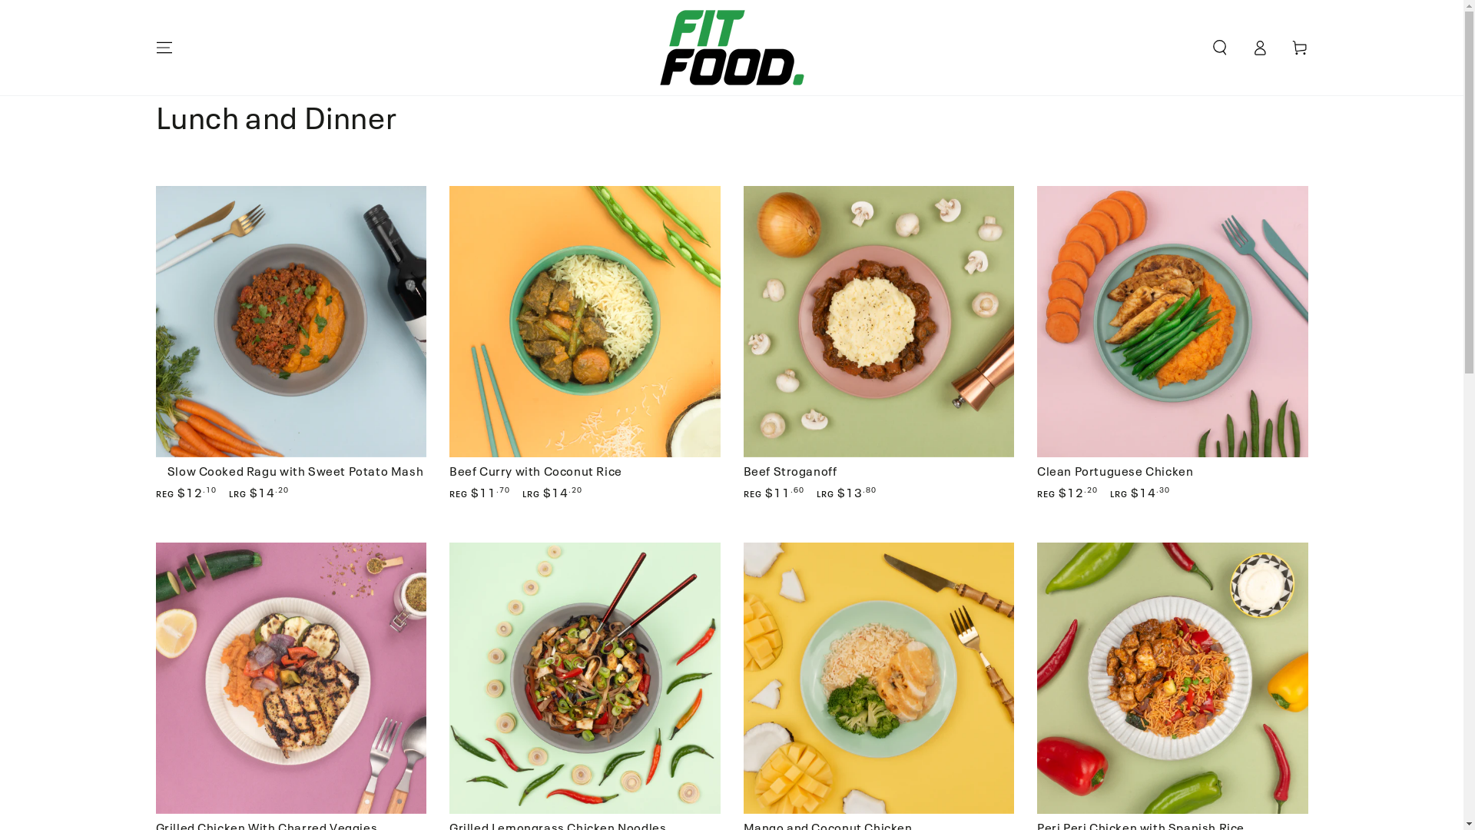 This screenshot has width=1475, height=830. I want to click on 'Clean Portuguese Chicken', so click(1036, 342).